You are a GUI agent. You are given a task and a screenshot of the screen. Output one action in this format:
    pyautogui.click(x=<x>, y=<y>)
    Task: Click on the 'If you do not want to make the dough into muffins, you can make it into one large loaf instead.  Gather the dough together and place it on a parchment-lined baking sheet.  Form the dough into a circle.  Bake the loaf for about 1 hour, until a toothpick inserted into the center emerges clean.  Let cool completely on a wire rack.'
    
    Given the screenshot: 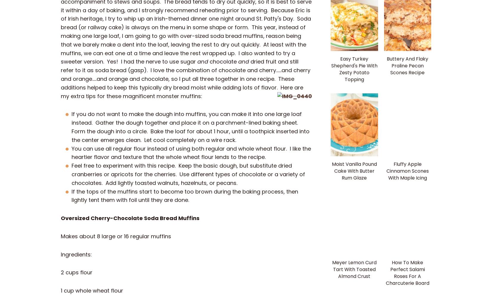 What is the action you would take?
    pyautogui.click(x=190, y=126)
    